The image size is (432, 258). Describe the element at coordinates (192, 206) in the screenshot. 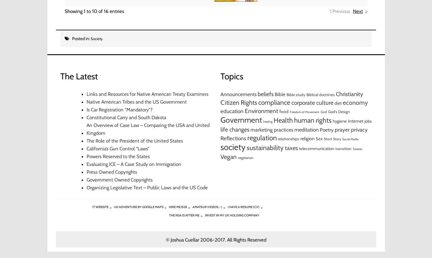

I see `'Amateur Videos ;-)'` at that location.